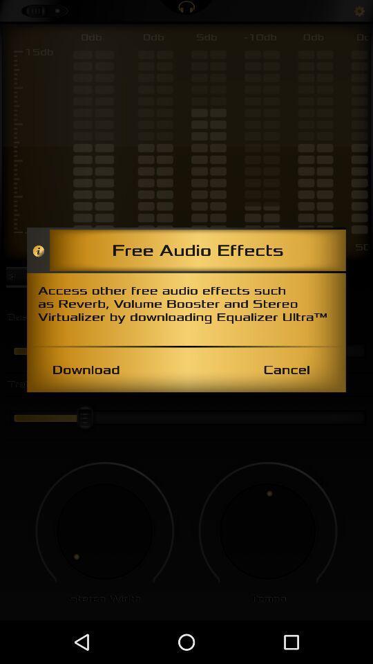 The height and width of the screenshot is (664, 373). I want to click on the cancel item, so click(286, 369).